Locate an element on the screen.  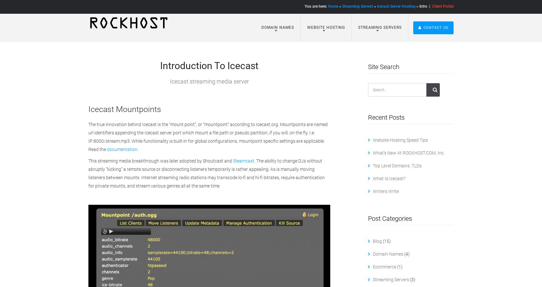
'Icecast streaming media server' is located at coordinates (209, 81).